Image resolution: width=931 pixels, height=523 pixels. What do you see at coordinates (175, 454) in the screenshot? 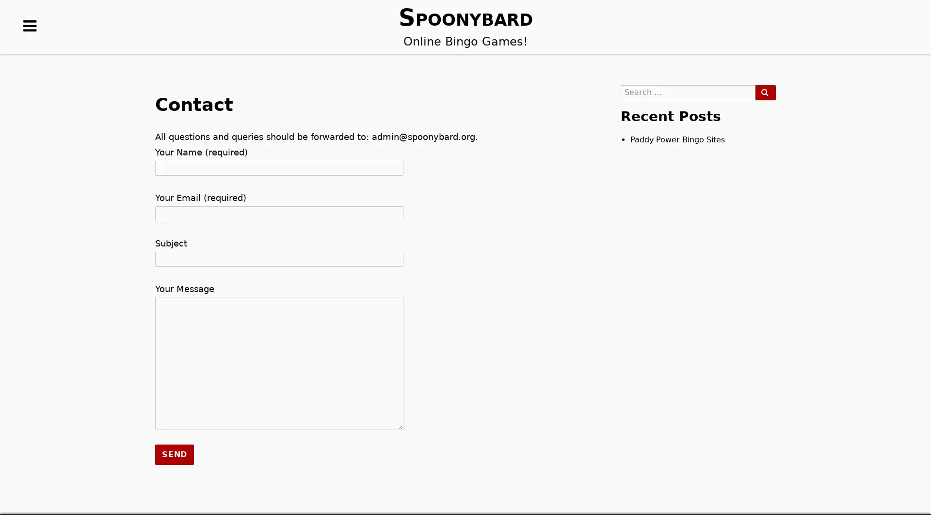
I see `Send` at bounding box center [175, 454].